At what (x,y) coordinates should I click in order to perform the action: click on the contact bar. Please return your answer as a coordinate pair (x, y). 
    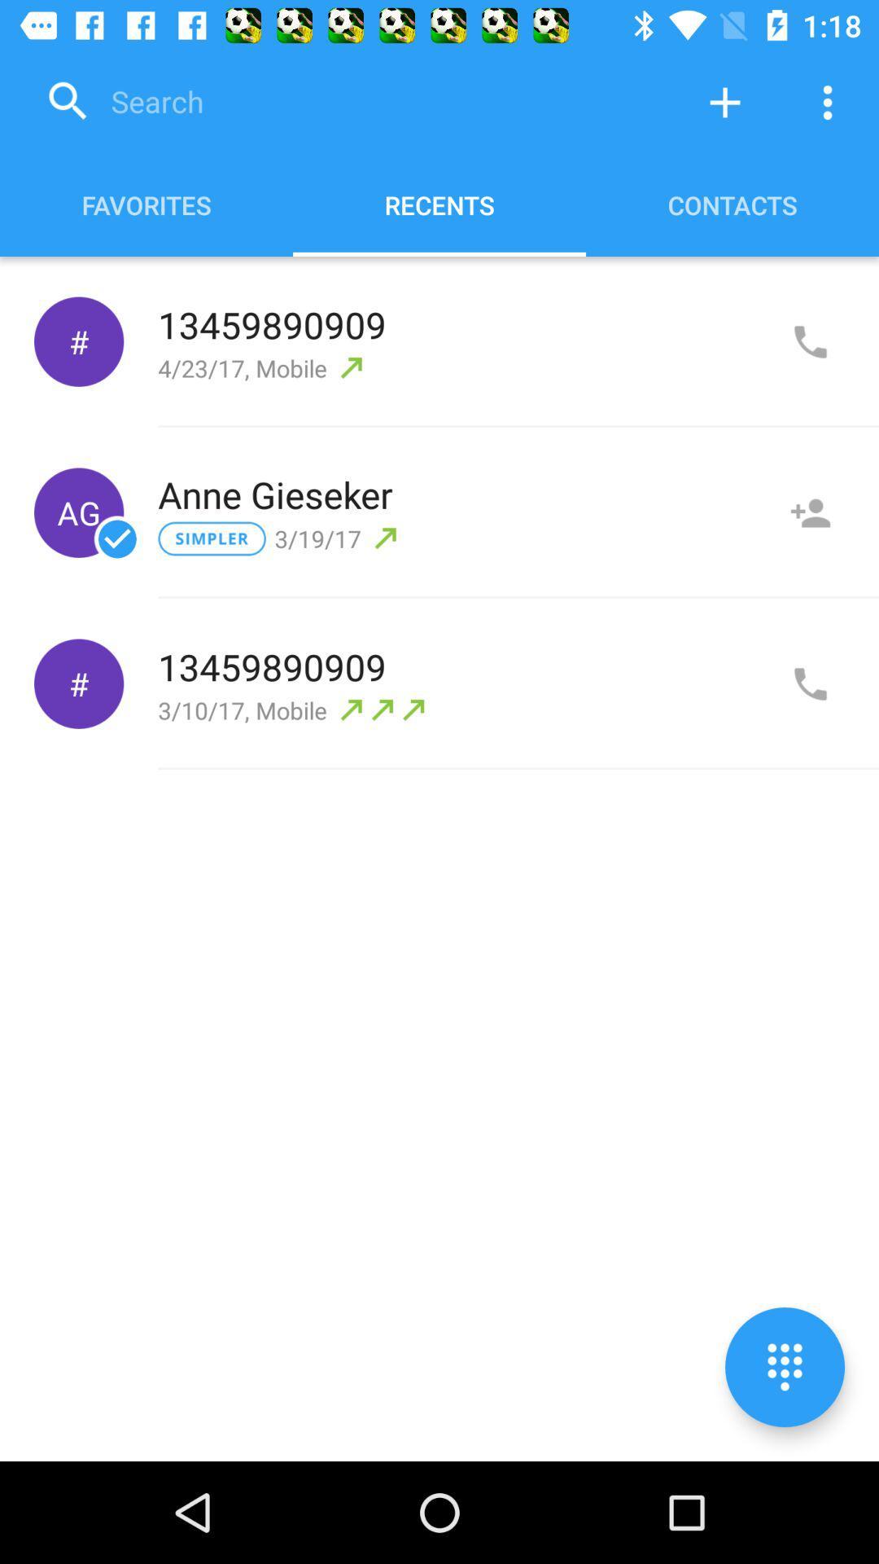
    Looking at the image, I should click on (810, 512).